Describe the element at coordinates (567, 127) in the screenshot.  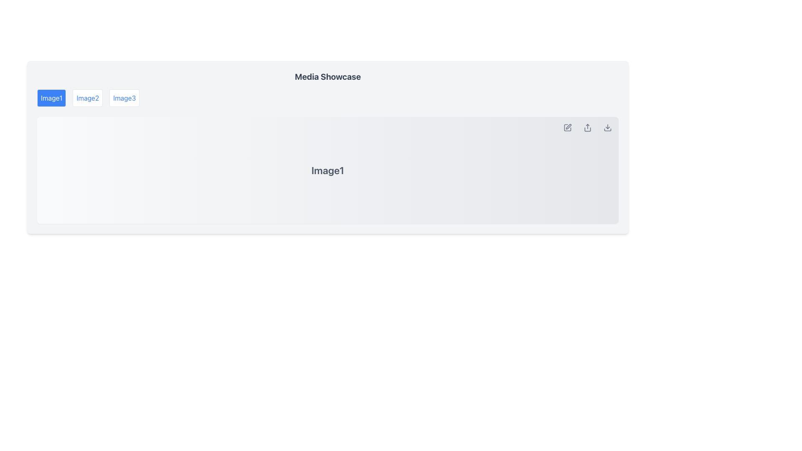
I see `the square-shaped icon button resembling a pencil in gray tones located at the top-right corner of the media display section` at that location.